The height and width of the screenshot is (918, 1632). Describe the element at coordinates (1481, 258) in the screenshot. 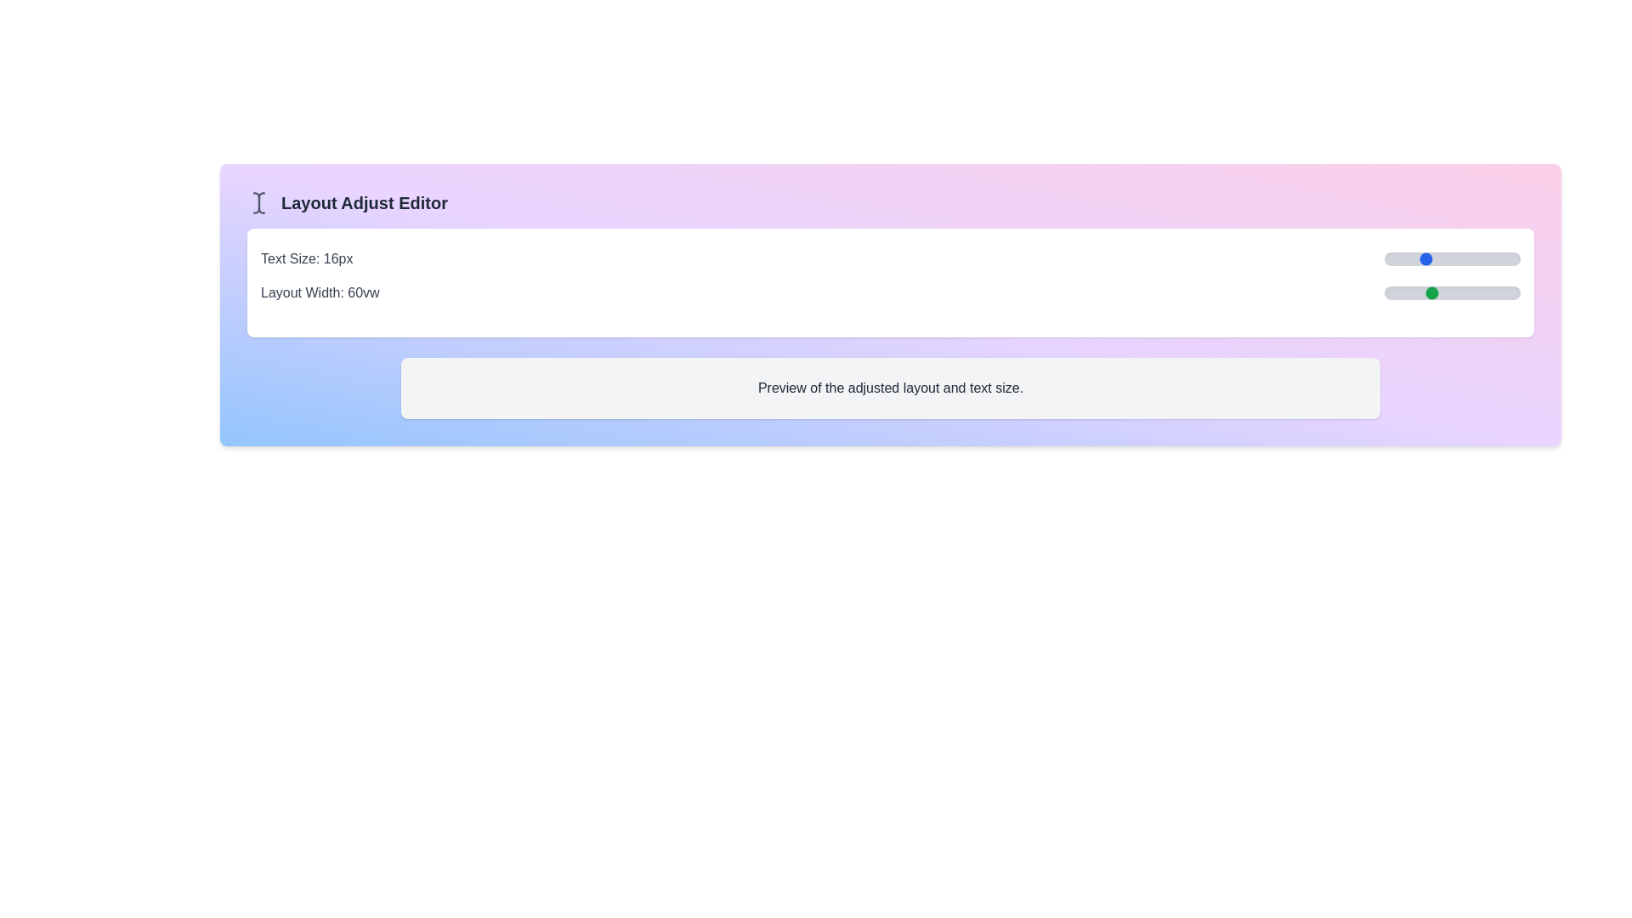

I see `the slider` at that location.